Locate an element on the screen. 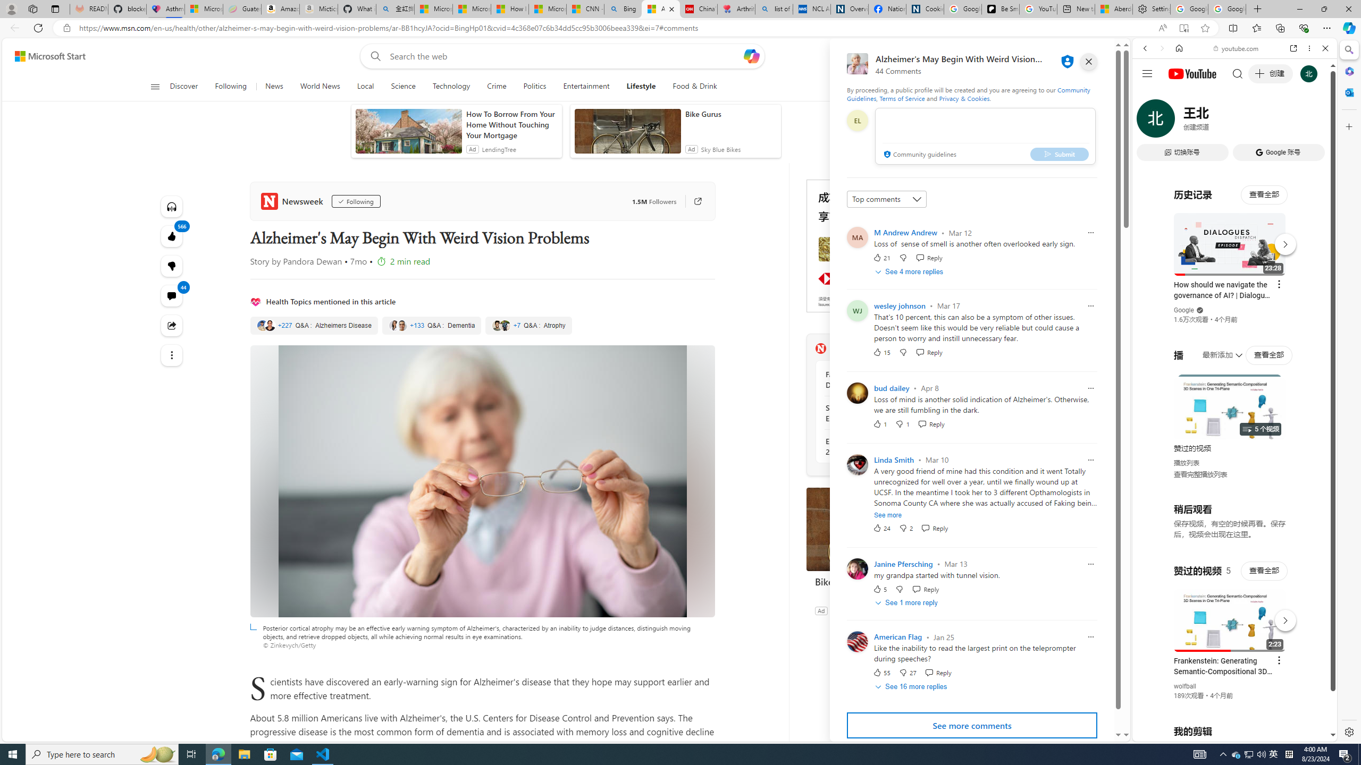 Image resolution: width=1361 pixels, height=765 pixels. 'WEB  ' is located at coordinates (1149, 122).